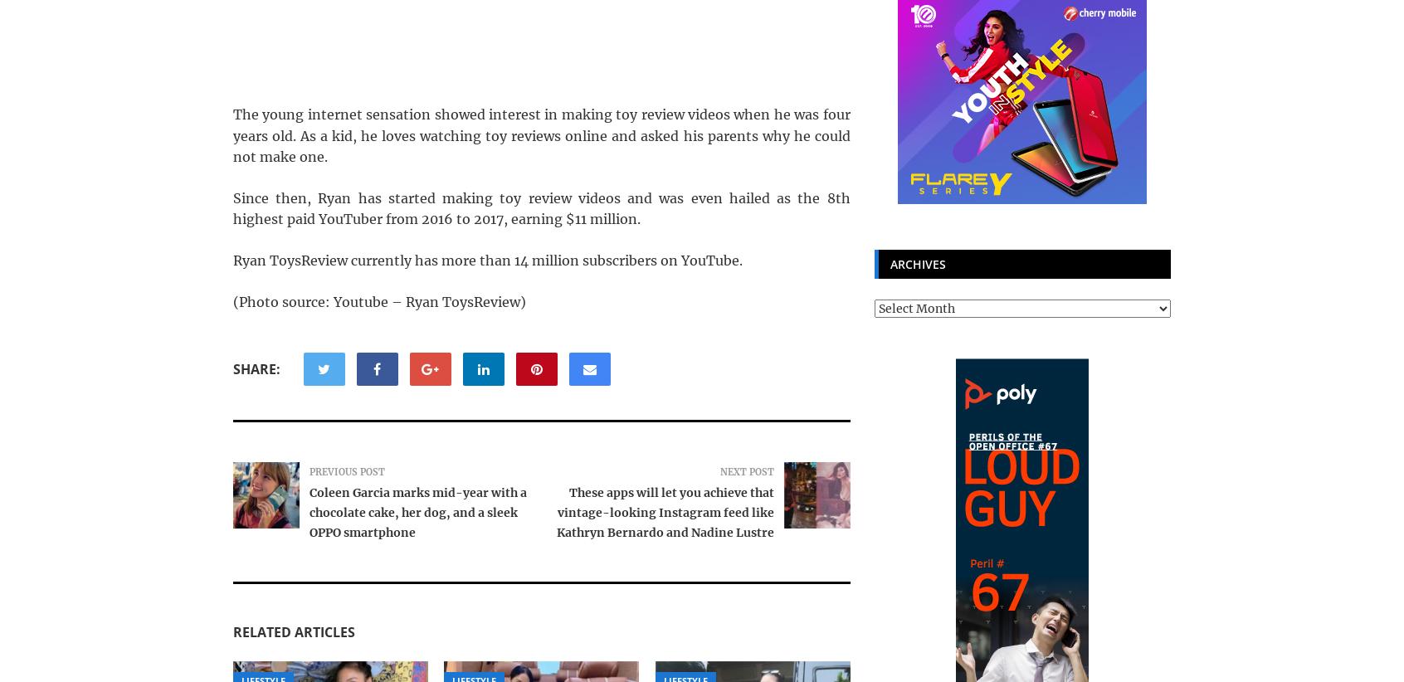 Image resolution: width=1404 pixels, height=682 pixels. I want to click on 'Coleen Garcia marks mid-year with a chocolate cake, her dog, and a sleek OPPO smartphone', so click(309, 511).